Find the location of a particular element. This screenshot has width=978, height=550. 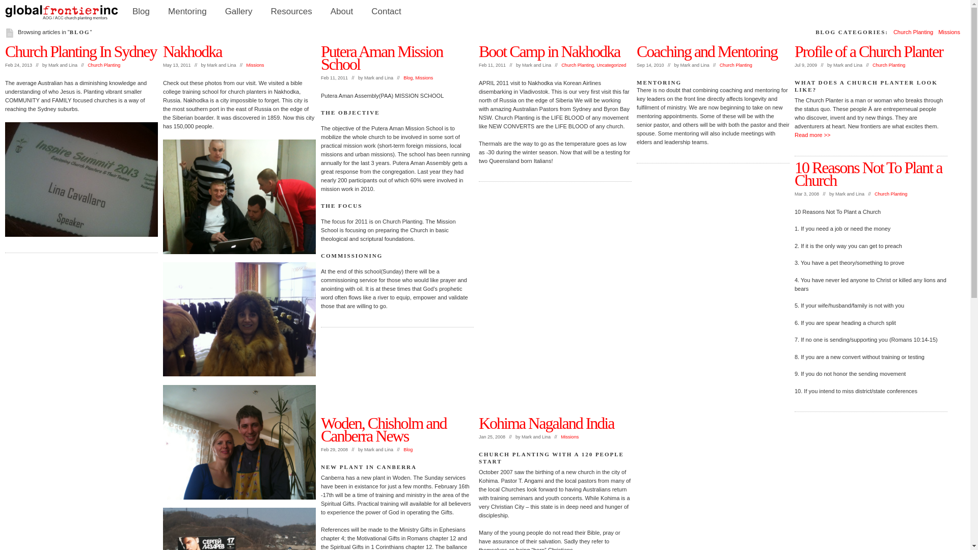

'Kohima Nagaland India' is located at coordinates (478, 423).